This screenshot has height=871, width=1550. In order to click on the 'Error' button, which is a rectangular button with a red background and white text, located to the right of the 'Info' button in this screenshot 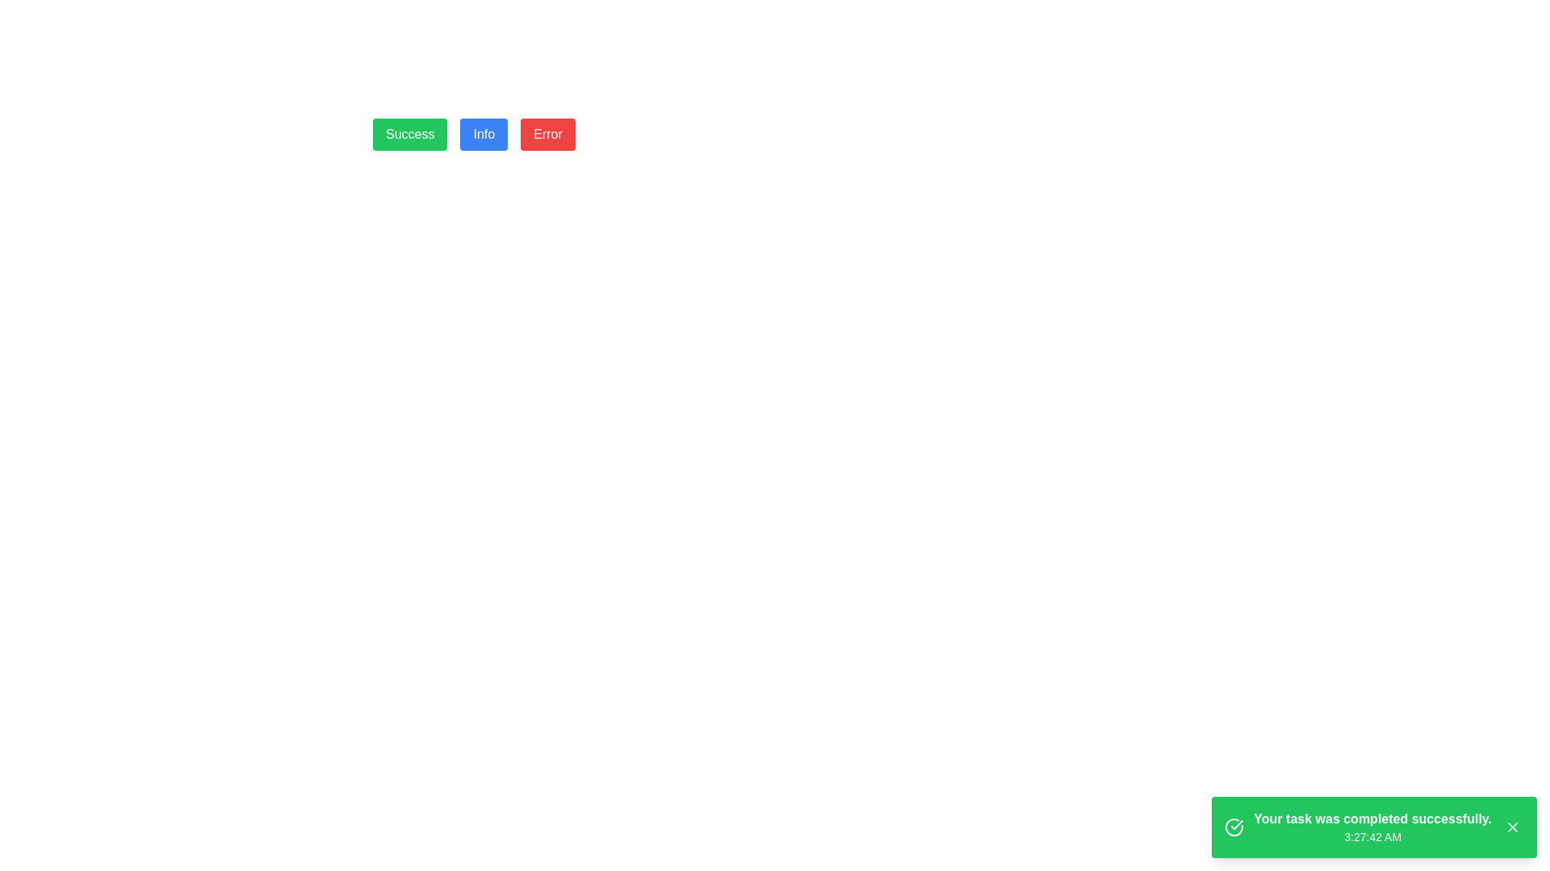, I will do `click(547, 133)`.